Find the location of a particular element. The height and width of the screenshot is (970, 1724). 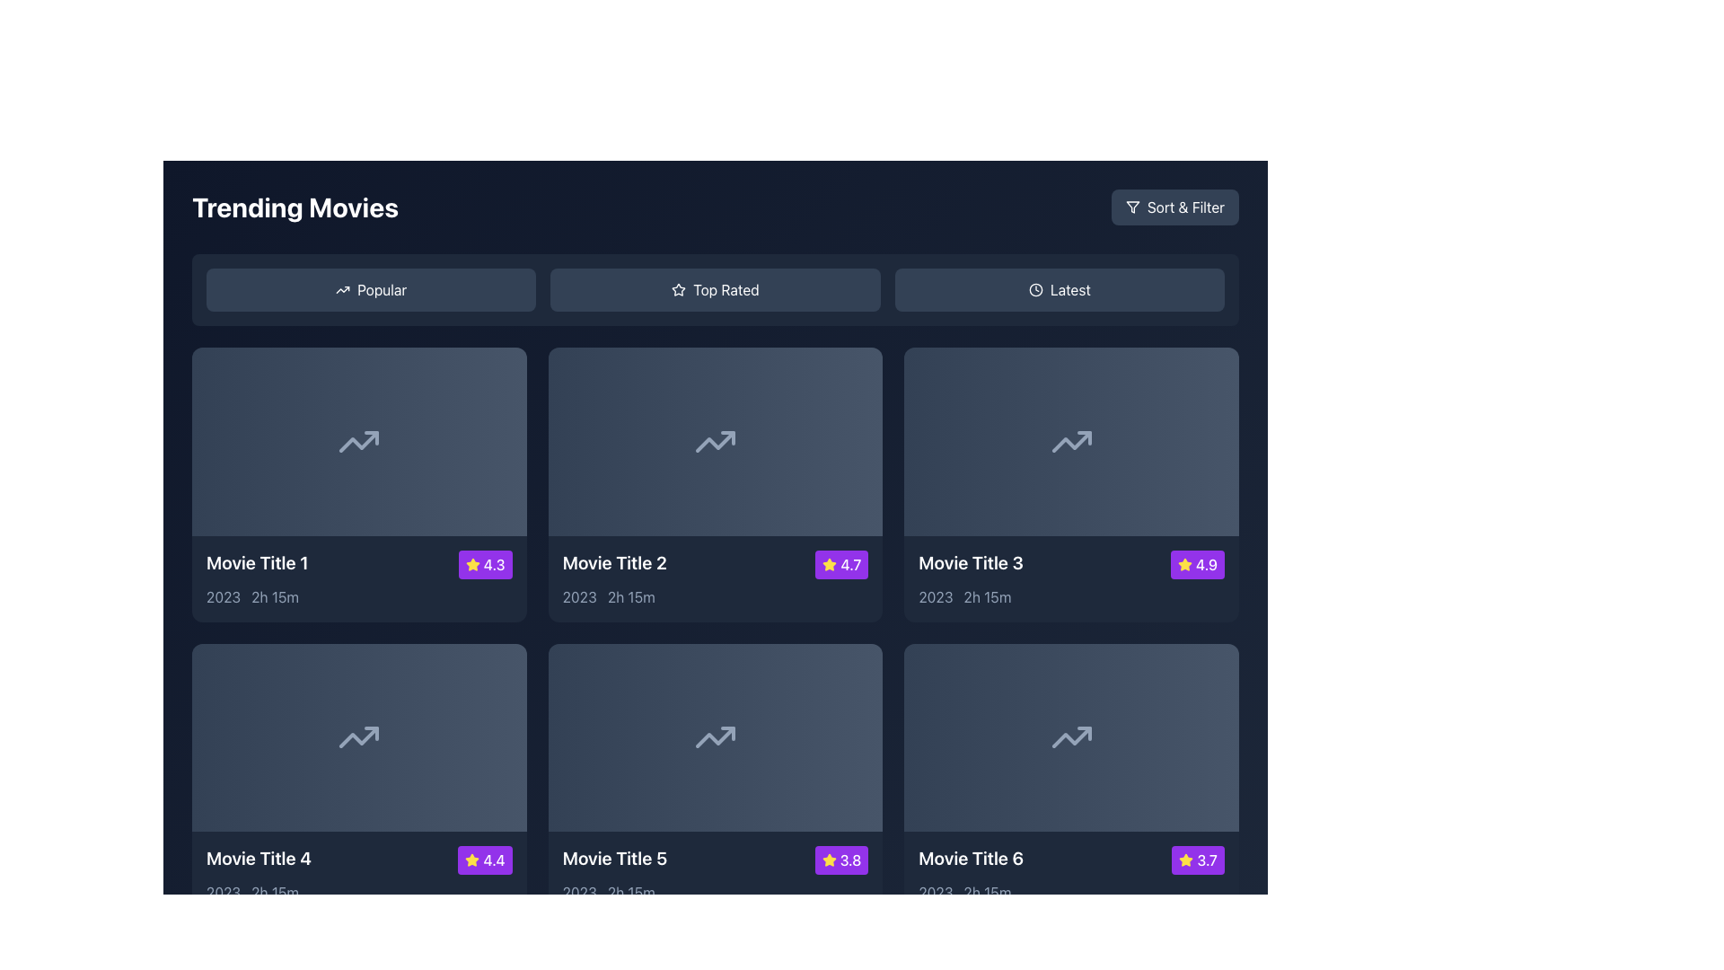

informational text label displaying the release year '2023' and runtime '2h 15m' for 'Movie Title 6', located in the lower section of the movie card is located at coordinates (1071, 893).